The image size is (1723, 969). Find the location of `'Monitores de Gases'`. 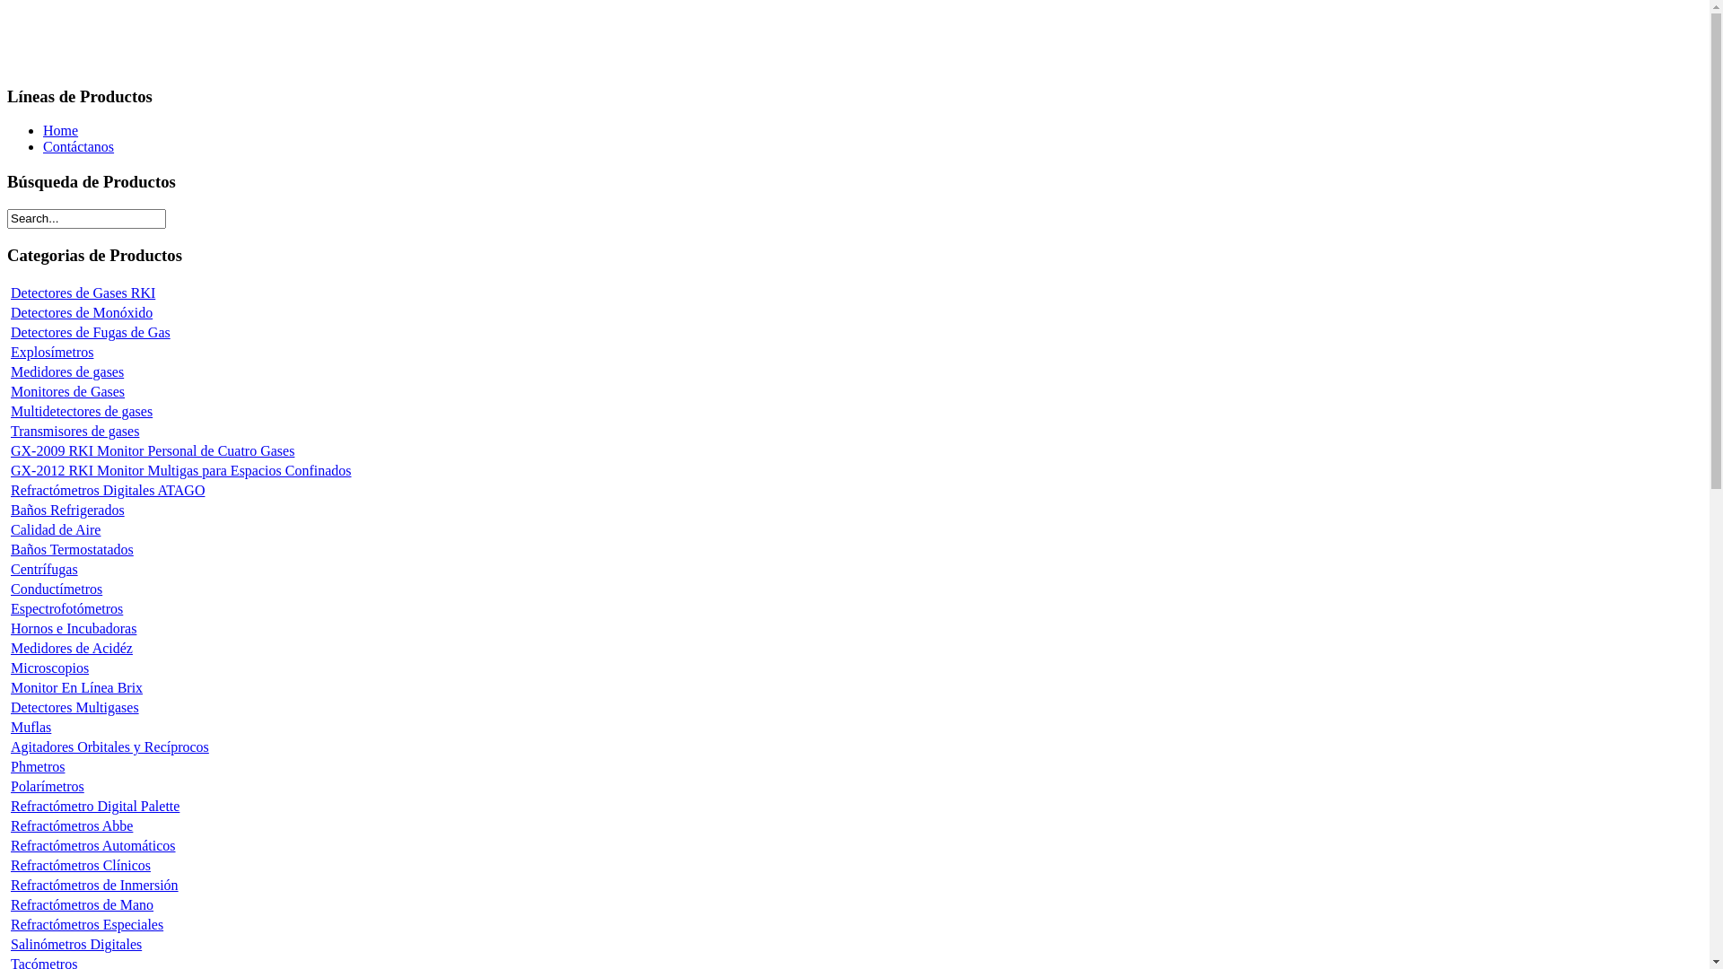

'Monitores de Gases' is located at coordinates (11, 390).